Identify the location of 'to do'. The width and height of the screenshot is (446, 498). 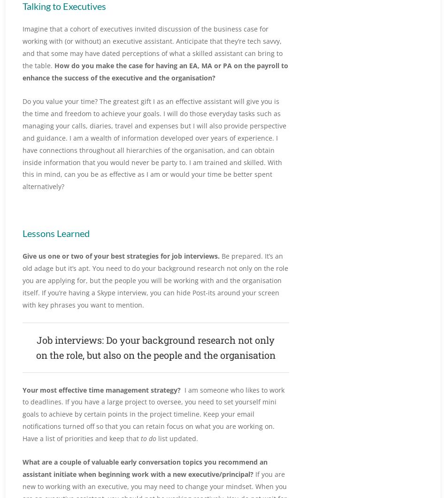
(148, 438).